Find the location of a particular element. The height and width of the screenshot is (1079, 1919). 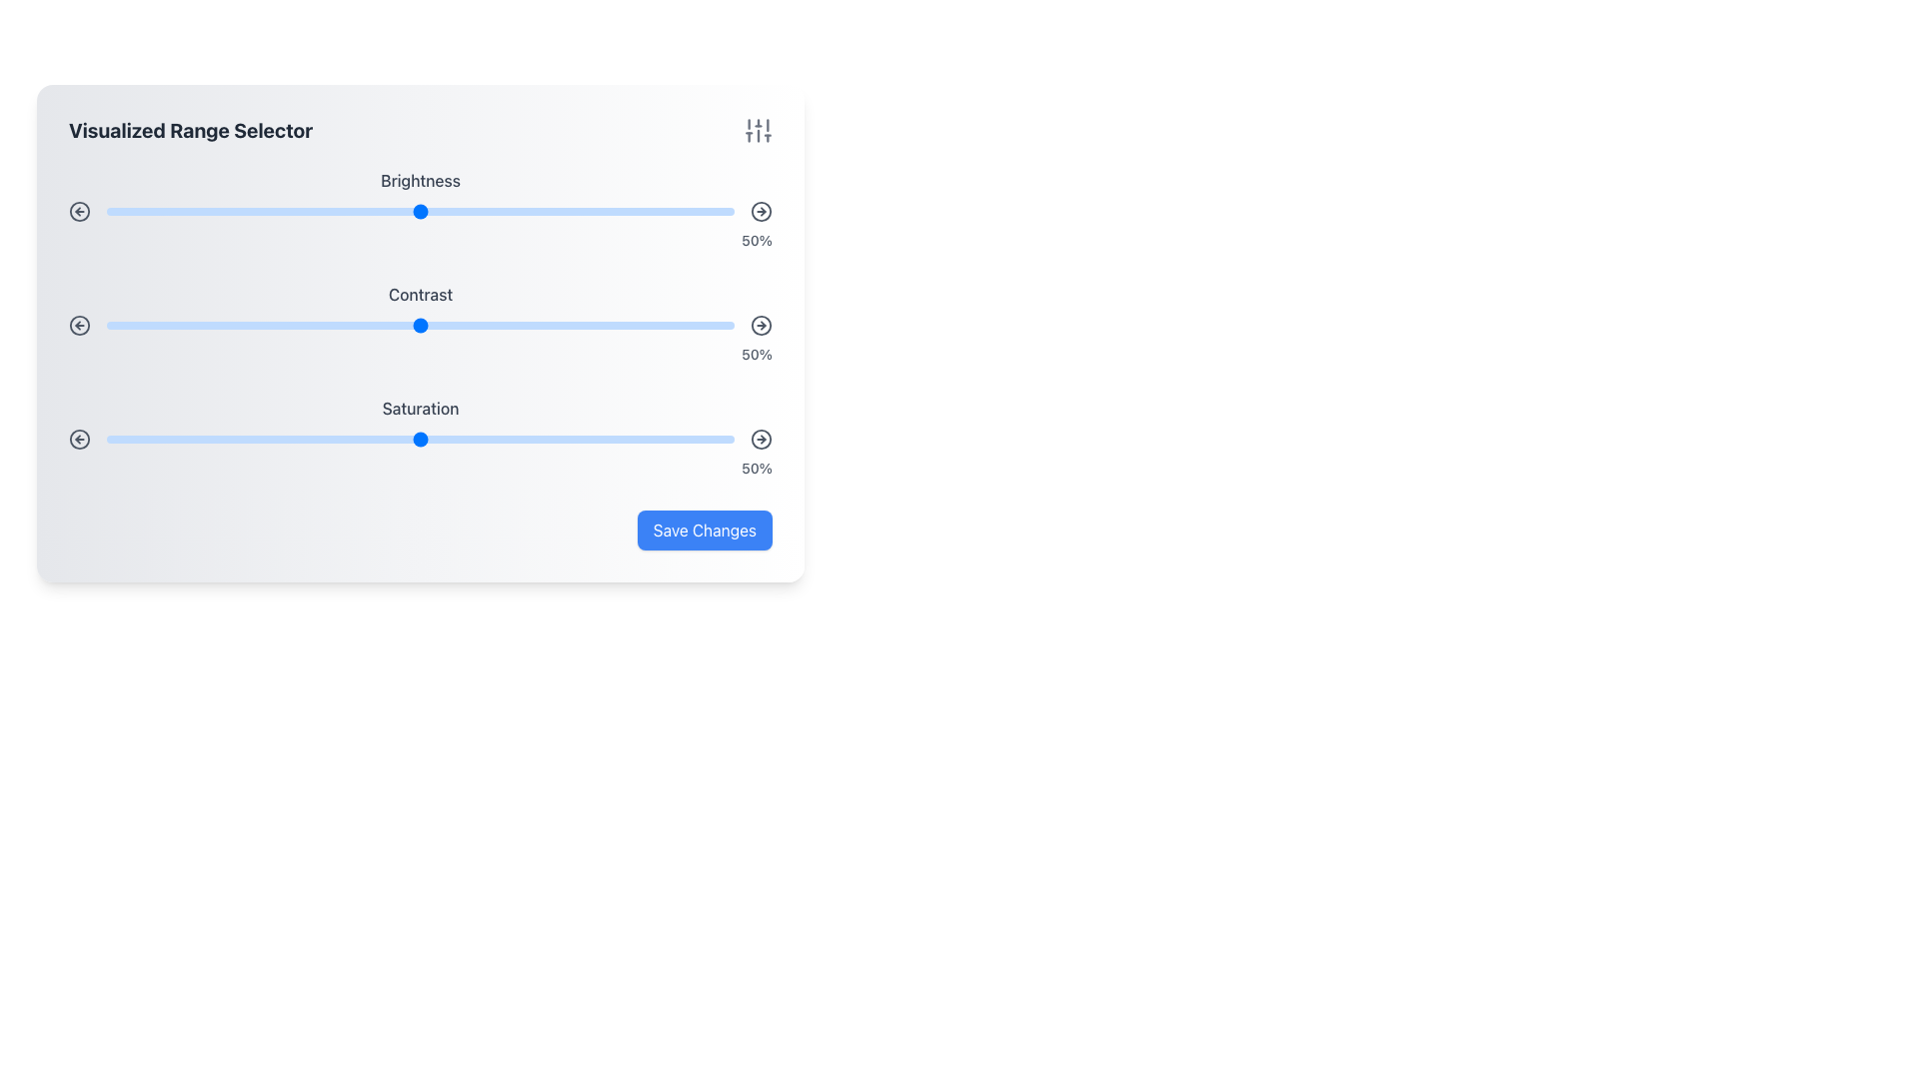

the slider value is located at coordinates (194, 325).